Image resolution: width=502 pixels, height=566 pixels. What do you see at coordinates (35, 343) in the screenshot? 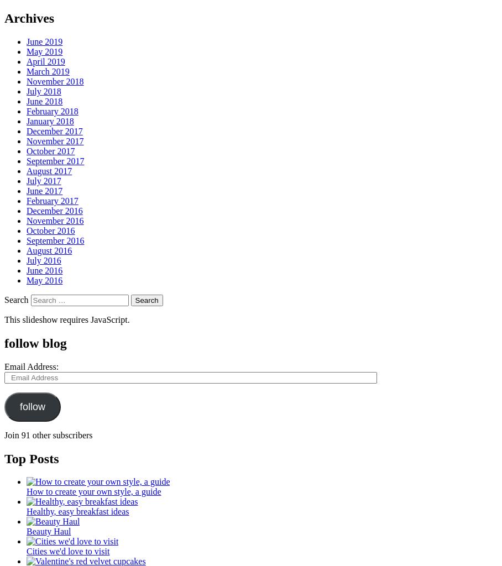
I see `'follow blog'` at bounding box center [35, 343].